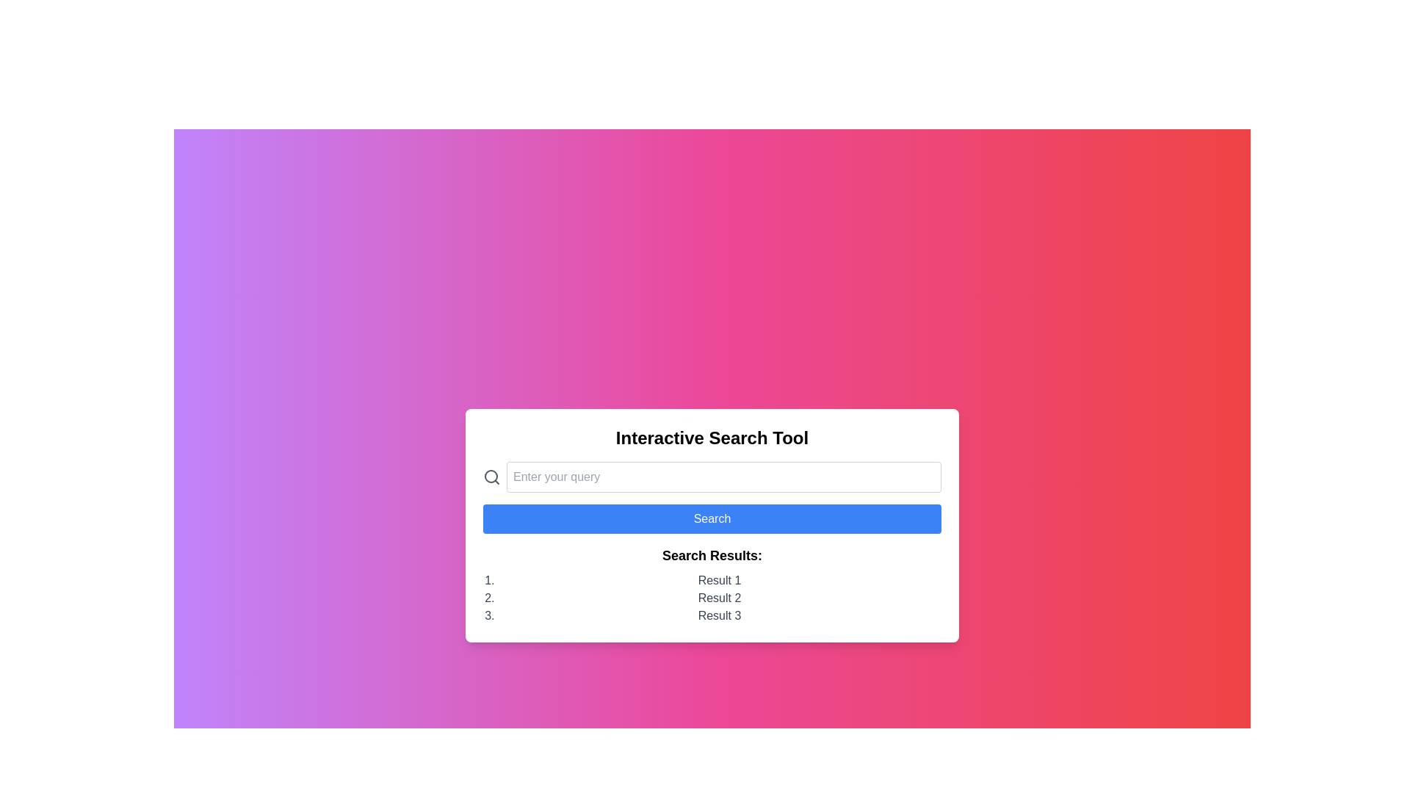  I want to click on the magnifying glass icon in the search bar, which is styled as an interactive search symbol with a light gray color scheme, located to the left of the text input field, so click(492, 477).